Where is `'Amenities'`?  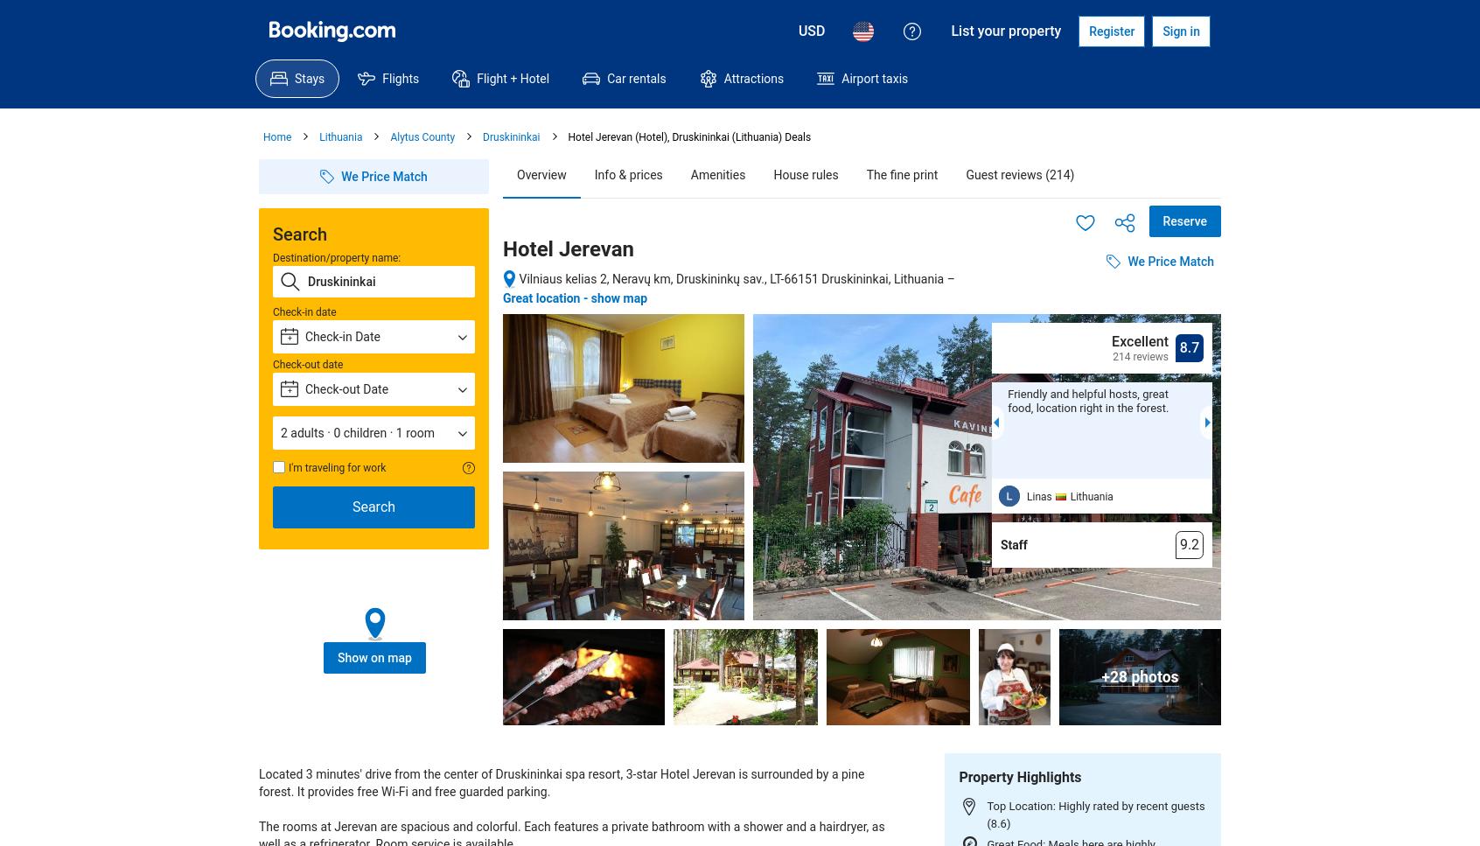
'Amenities' is located at coordinates (717, 173).